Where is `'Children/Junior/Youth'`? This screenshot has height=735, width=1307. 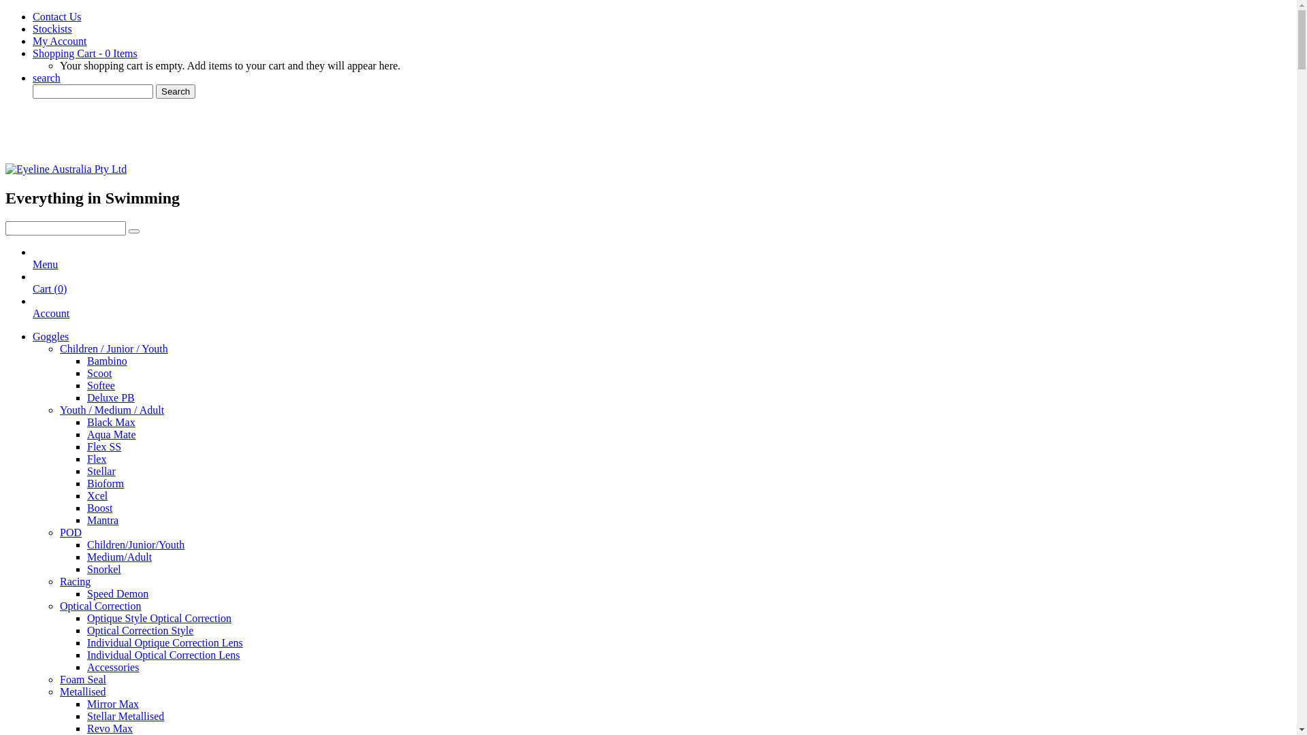
'Children/Junior/Youth' is located at coordinates (135, 544).